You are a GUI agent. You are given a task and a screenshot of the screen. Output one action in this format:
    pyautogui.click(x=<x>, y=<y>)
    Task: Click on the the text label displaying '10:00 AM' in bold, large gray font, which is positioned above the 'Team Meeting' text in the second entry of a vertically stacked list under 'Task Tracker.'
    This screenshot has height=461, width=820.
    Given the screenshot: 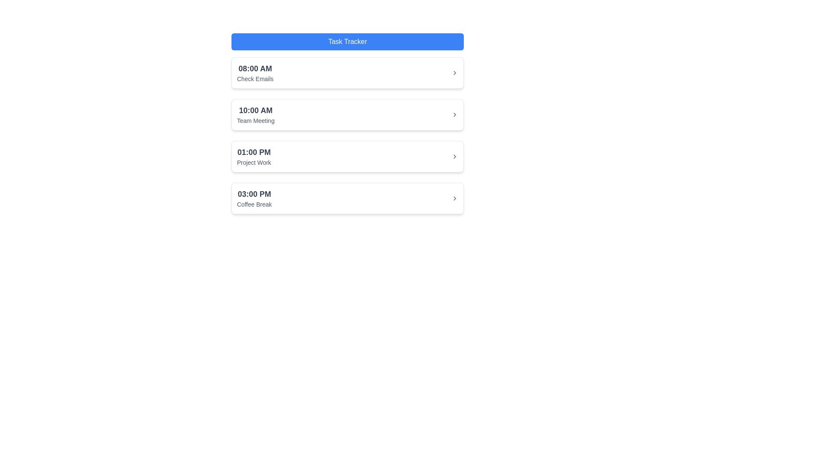 What is the action you would take?
    pyautogui.click(x=255, y=110)
    